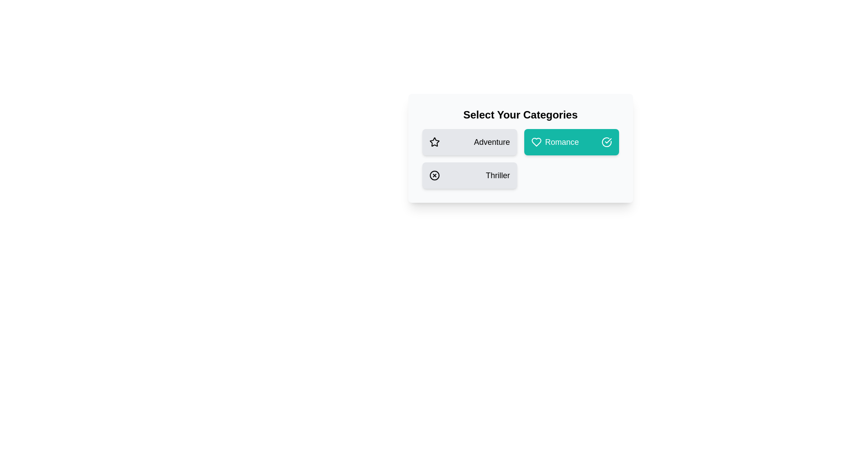  What do you see at coordinates (469, 142) in the screenshot?
I see `the category Adventure` at bounding box center [469, 142].